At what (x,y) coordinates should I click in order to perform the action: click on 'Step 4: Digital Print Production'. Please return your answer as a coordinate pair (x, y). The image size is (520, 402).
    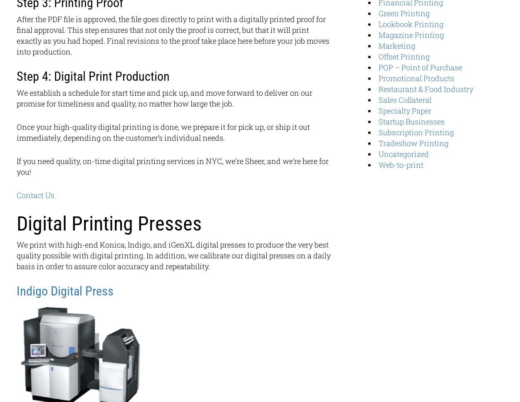
    Looking at the image, I should click on (93, 76).